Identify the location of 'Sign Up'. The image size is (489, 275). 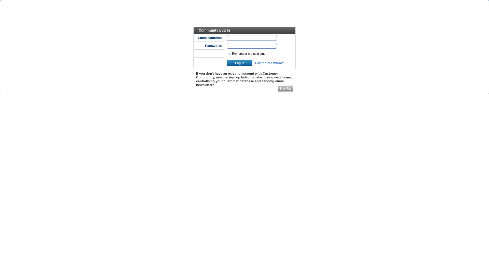
(277, 88).